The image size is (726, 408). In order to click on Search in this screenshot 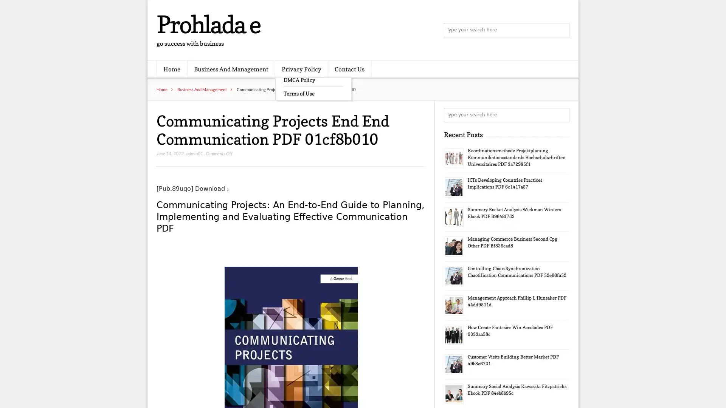, I will do `click(562, 30)`.